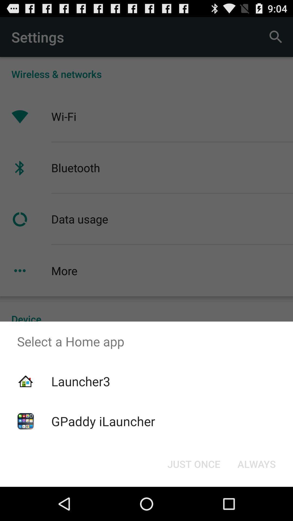 Image resolution: width=293 pixels, height=521 pixels. I want to click on the icon above the gpaddy ilauncher, so click(81, 381).